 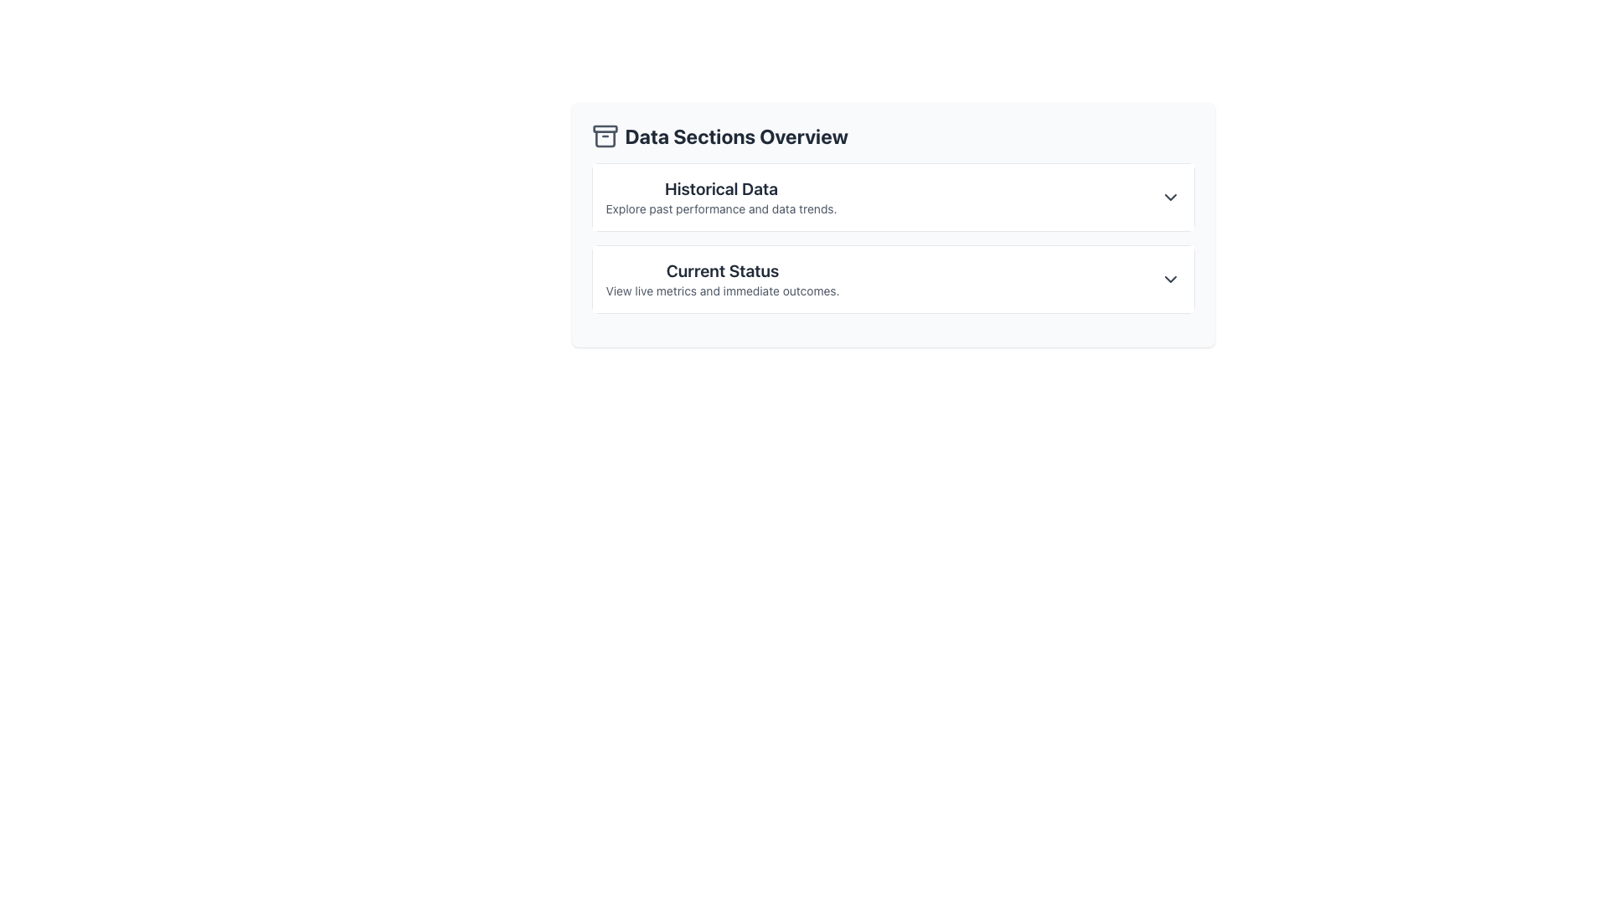 What do you see at coordinates (1169, 196) in the screenshot?
I see `the downward-pointing chevron arrow icon located at the far right of the 'Historical Data' section` at bounding box center [1169, 196].